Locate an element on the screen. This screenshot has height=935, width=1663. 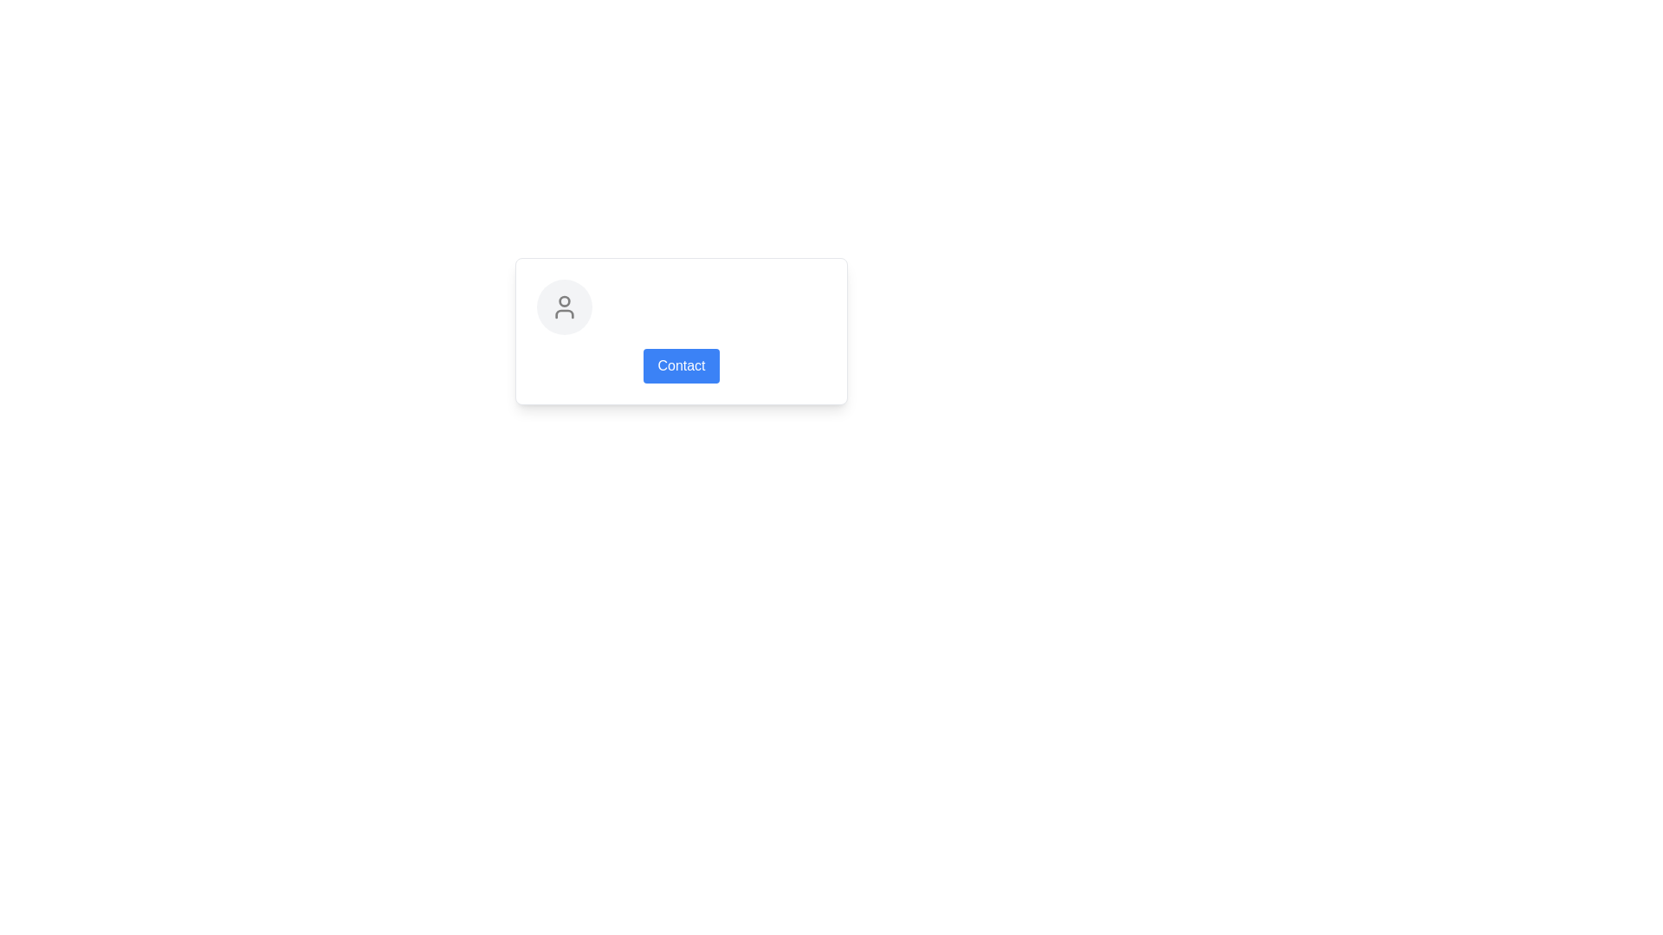
the circular element representing the head in the user profile icon, which is part of an SVG located within a card-like component is located at coordinates (565, 300).